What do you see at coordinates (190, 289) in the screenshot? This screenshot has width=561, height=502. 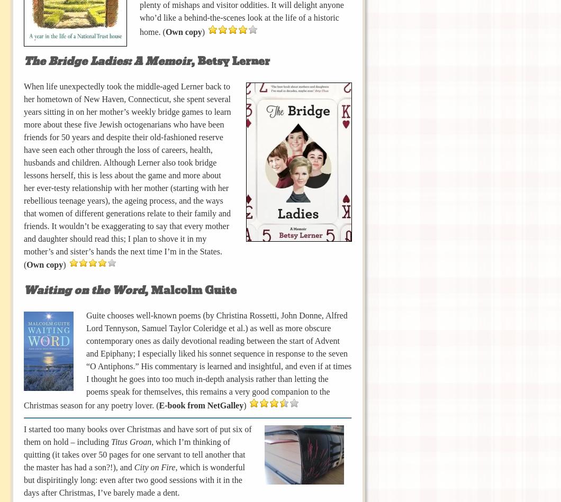 I see `', Malcolm Guite'` at bounding box center [190, 289].